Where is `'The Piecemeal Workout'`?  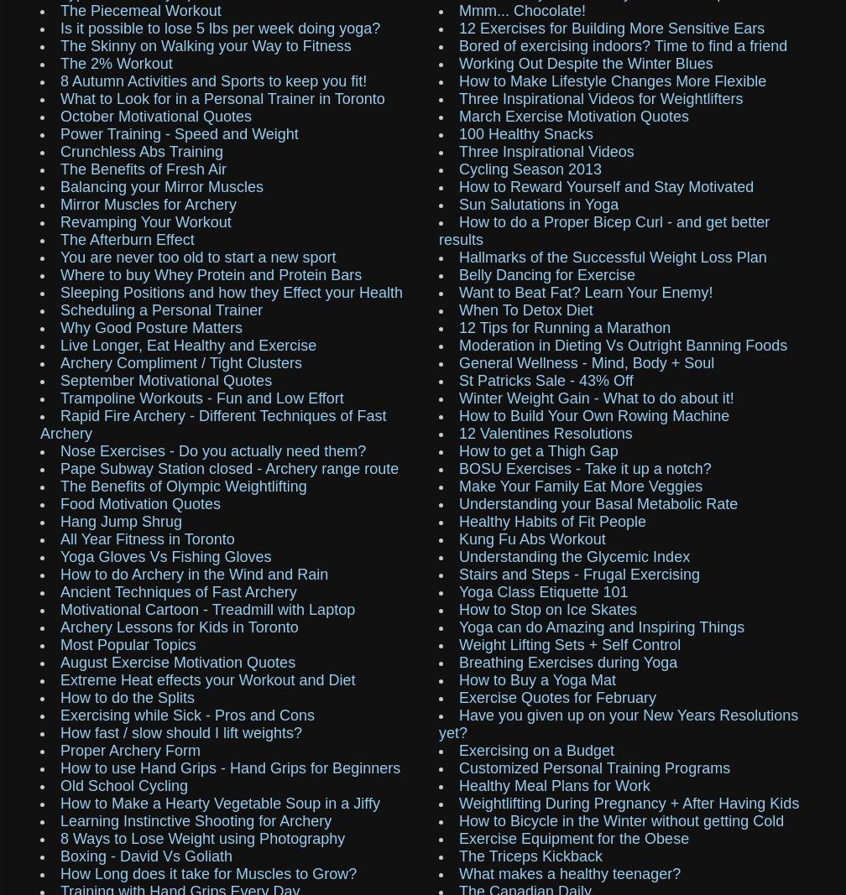
'The Piecemeal Workout' is located at coordinates (140, 8).